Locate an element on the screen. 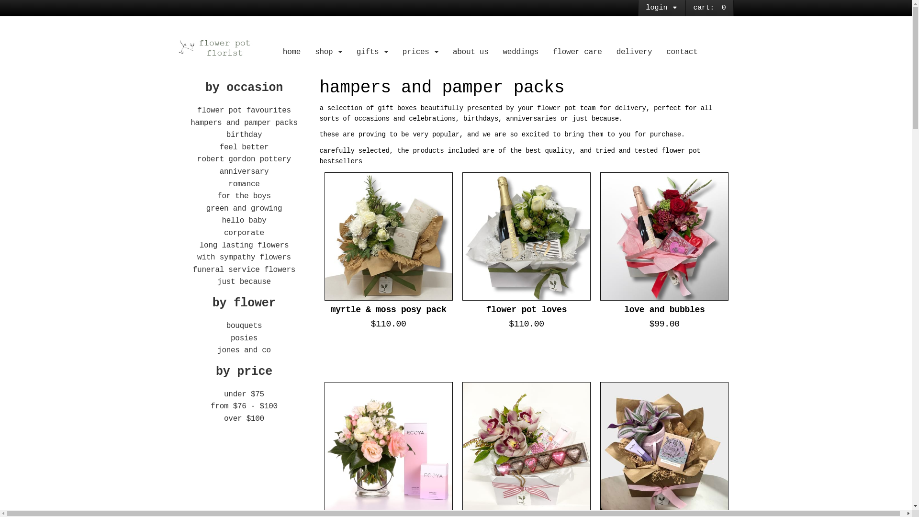  'by flower' is located at coordinates (244, 303).